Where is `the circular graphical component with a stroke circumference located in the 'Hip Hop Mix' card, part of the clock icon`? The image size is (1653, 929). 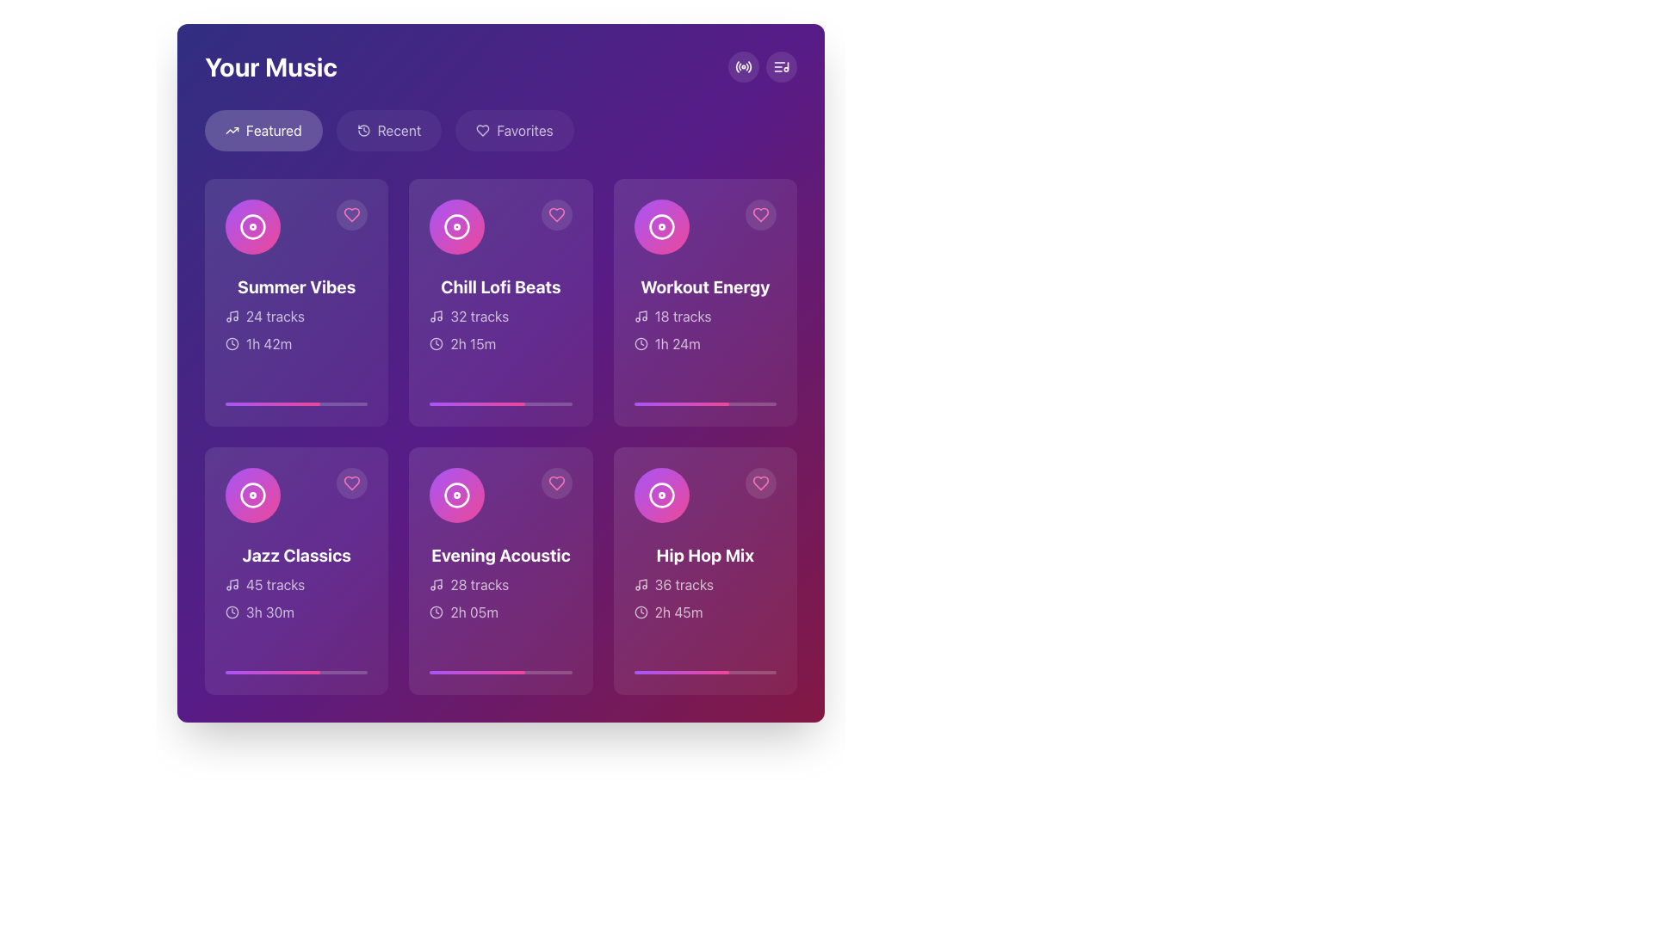 the circular graphical component with a stroke circumference located in the 'Hip Hop Mix' card, part of the clock icon is located at coordinates (640, 612).